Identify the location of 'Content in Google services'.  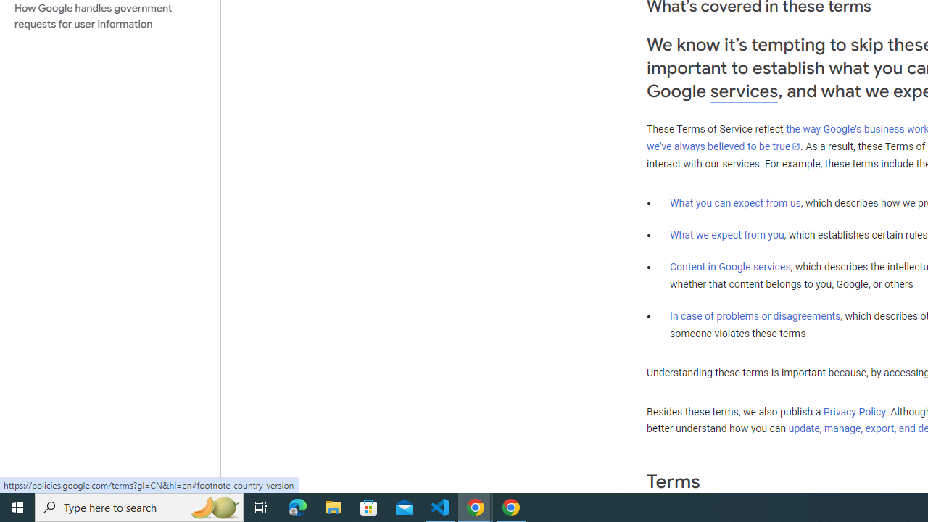
(730, 267).